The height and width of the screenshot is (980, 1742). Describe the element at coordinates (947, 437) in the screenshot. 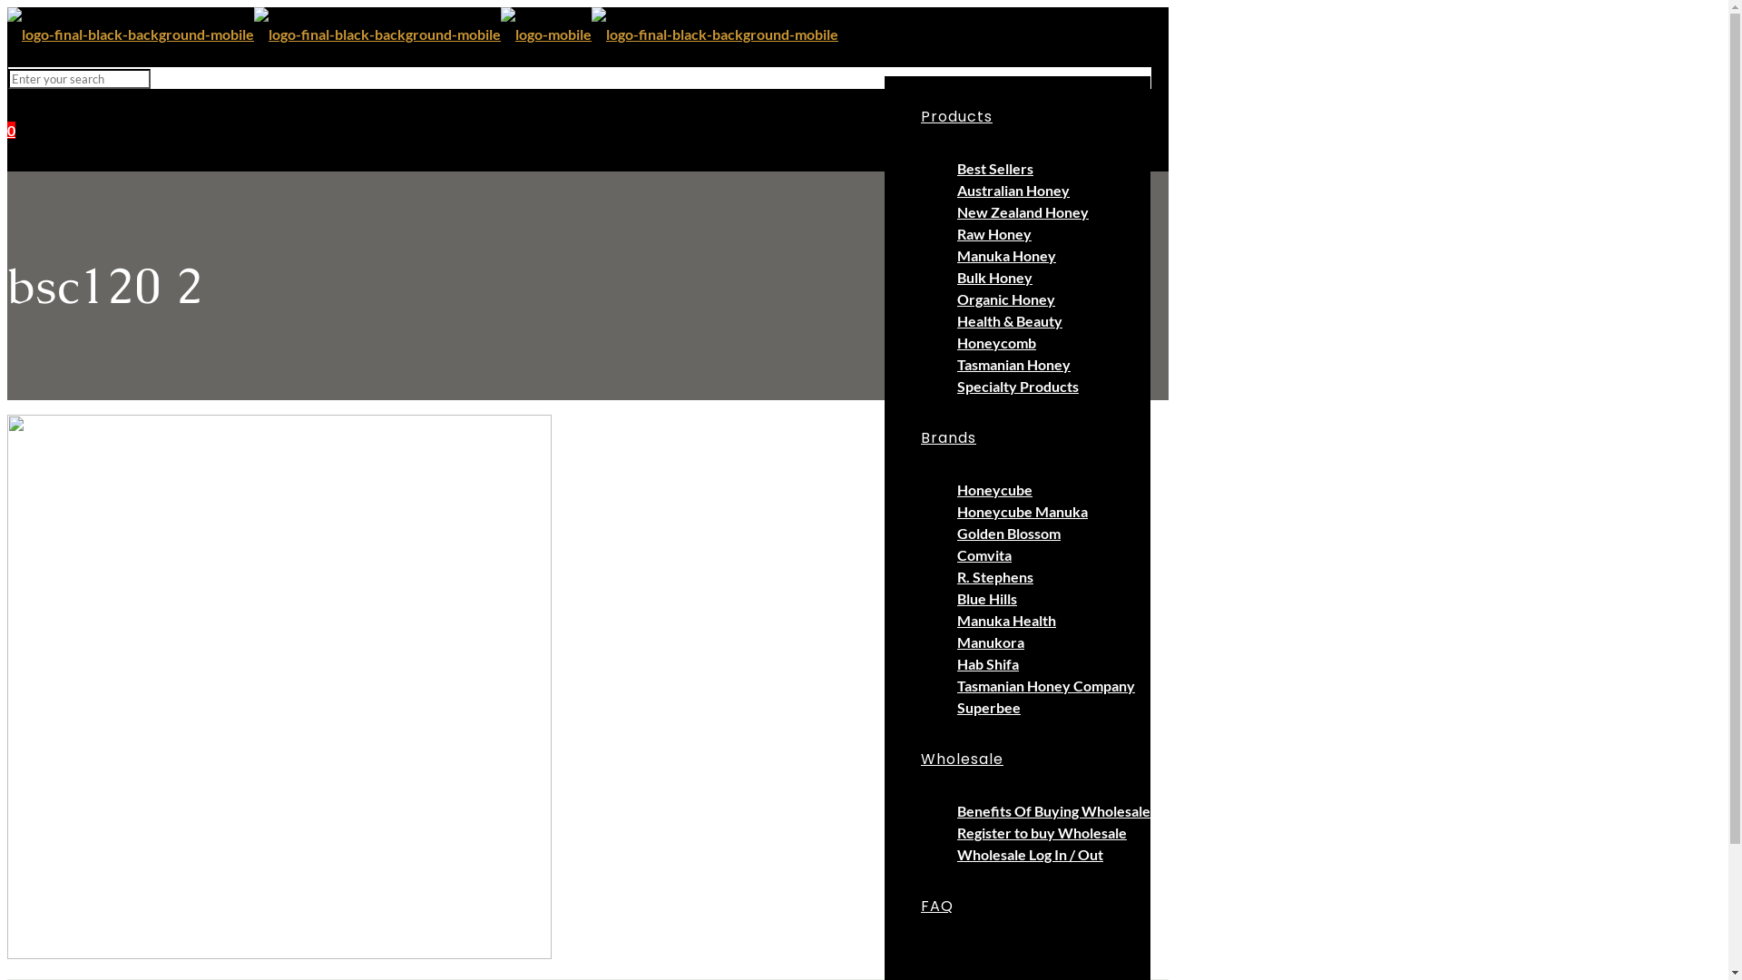

I see `'Brands'` at that location.